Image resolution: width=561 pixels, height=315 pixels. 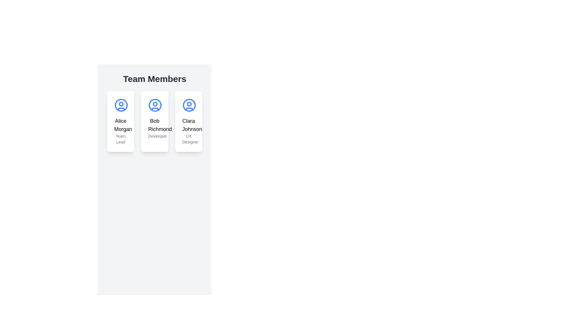 What do you see at coordinates (188, 121) in the screenshot?
I see `the Card component representing Clara Johnson, which is the third card in a row of three cards within a grid layout` at bounding box center [188, 121].